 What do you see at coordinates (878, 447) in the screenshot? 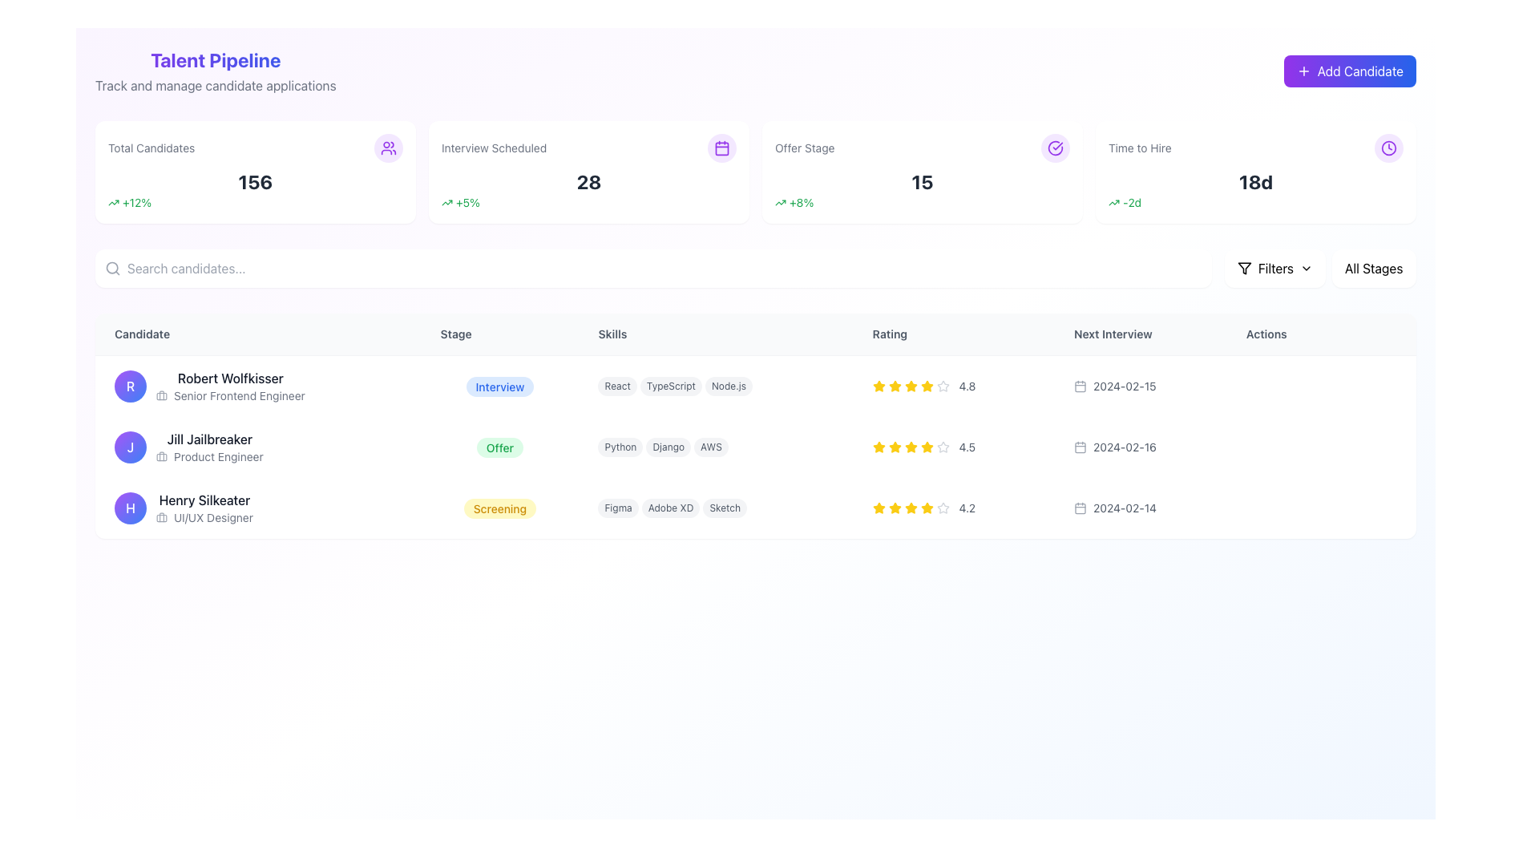
I see `the yellow star icon representing the rating for Jill Jailbreaker, located in the second row of the rating column` at bounding box center [878, 447].